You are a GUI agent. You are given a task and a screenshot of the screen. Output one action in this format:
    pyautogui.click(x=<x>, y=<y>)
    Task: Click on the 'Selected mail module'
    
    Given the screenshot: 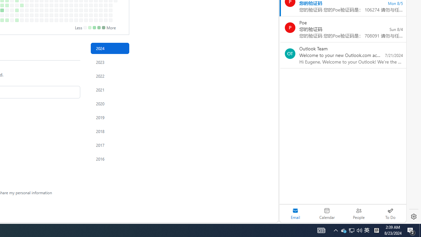 What is the action you would take?
    pyautogui.click(x=295, y=213)
    